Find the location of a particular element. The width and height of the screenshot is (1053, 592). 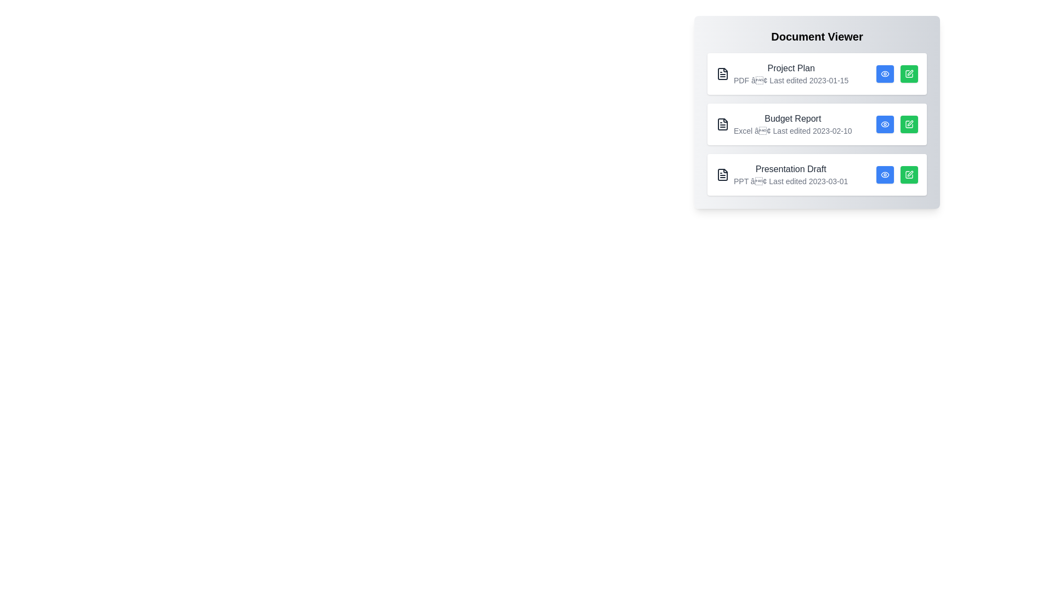

eye icon for the document titled Project Plan to view its details is located at coordinates (885, 74).